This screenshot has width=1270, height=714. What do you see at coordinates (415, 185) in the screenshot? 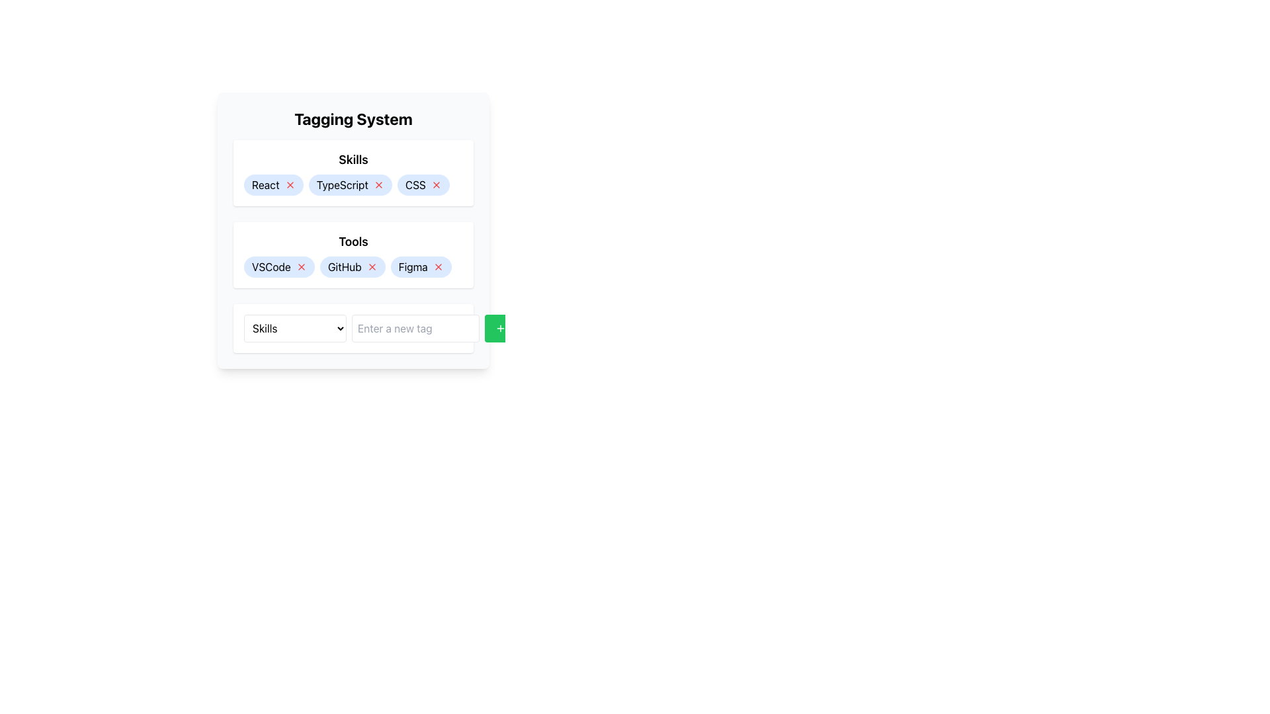
I see `the 'CSS' text label in the Skills section` at bounding box center [415, 185].